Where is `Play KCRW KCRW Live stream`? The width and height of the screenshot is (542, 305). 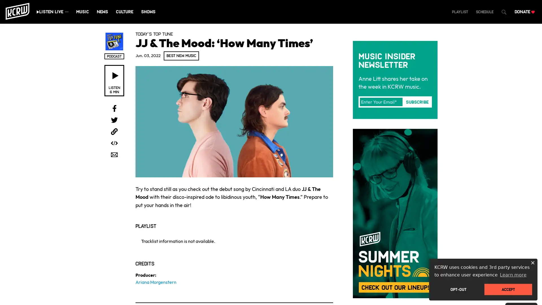 Play KCRW KCRW Live stream is located at coordinates (82, 12).